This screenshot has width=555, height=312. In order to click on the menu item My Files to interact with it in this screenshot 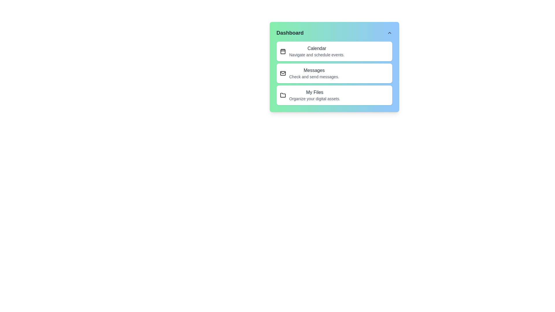, I will do `click(334, 95)`.